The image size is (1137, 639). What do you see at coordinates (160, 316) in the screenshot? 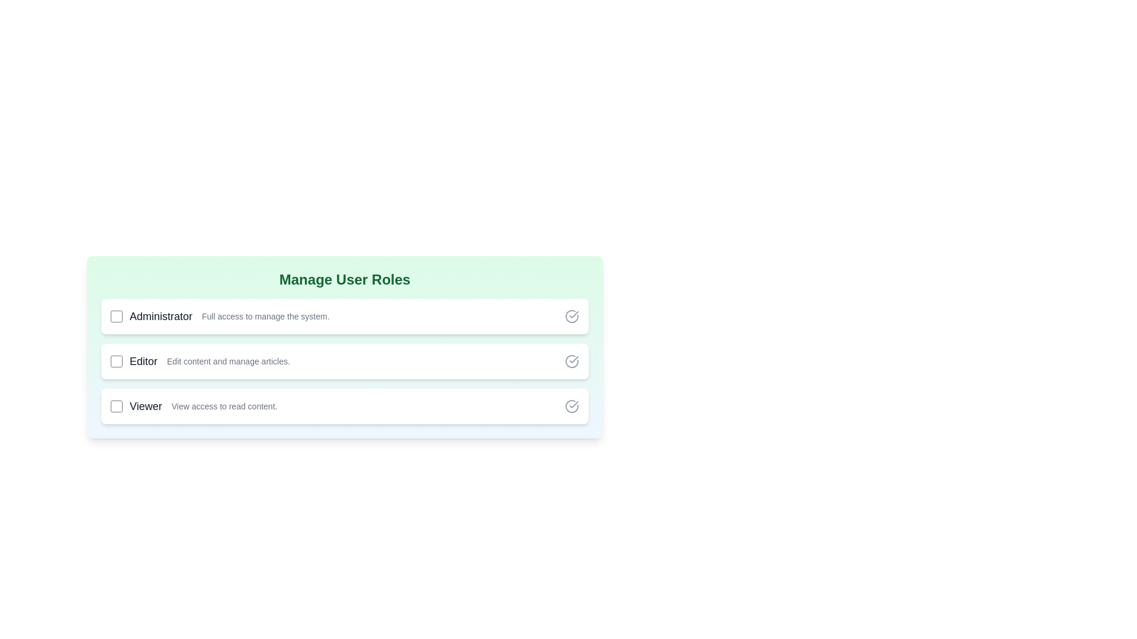
I see `the text of the role Administrator to highlight it` at bounding box center [160, 316].